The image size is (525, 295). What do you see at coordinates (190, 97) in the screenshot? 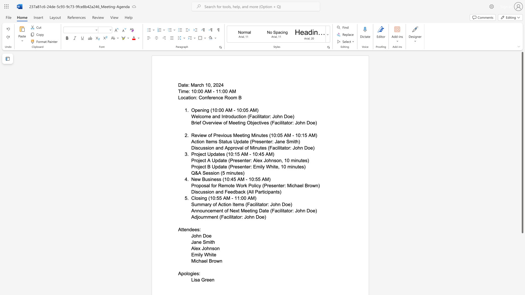
I see `the 1th character "i" in the text` at bounding box center [190, 97].